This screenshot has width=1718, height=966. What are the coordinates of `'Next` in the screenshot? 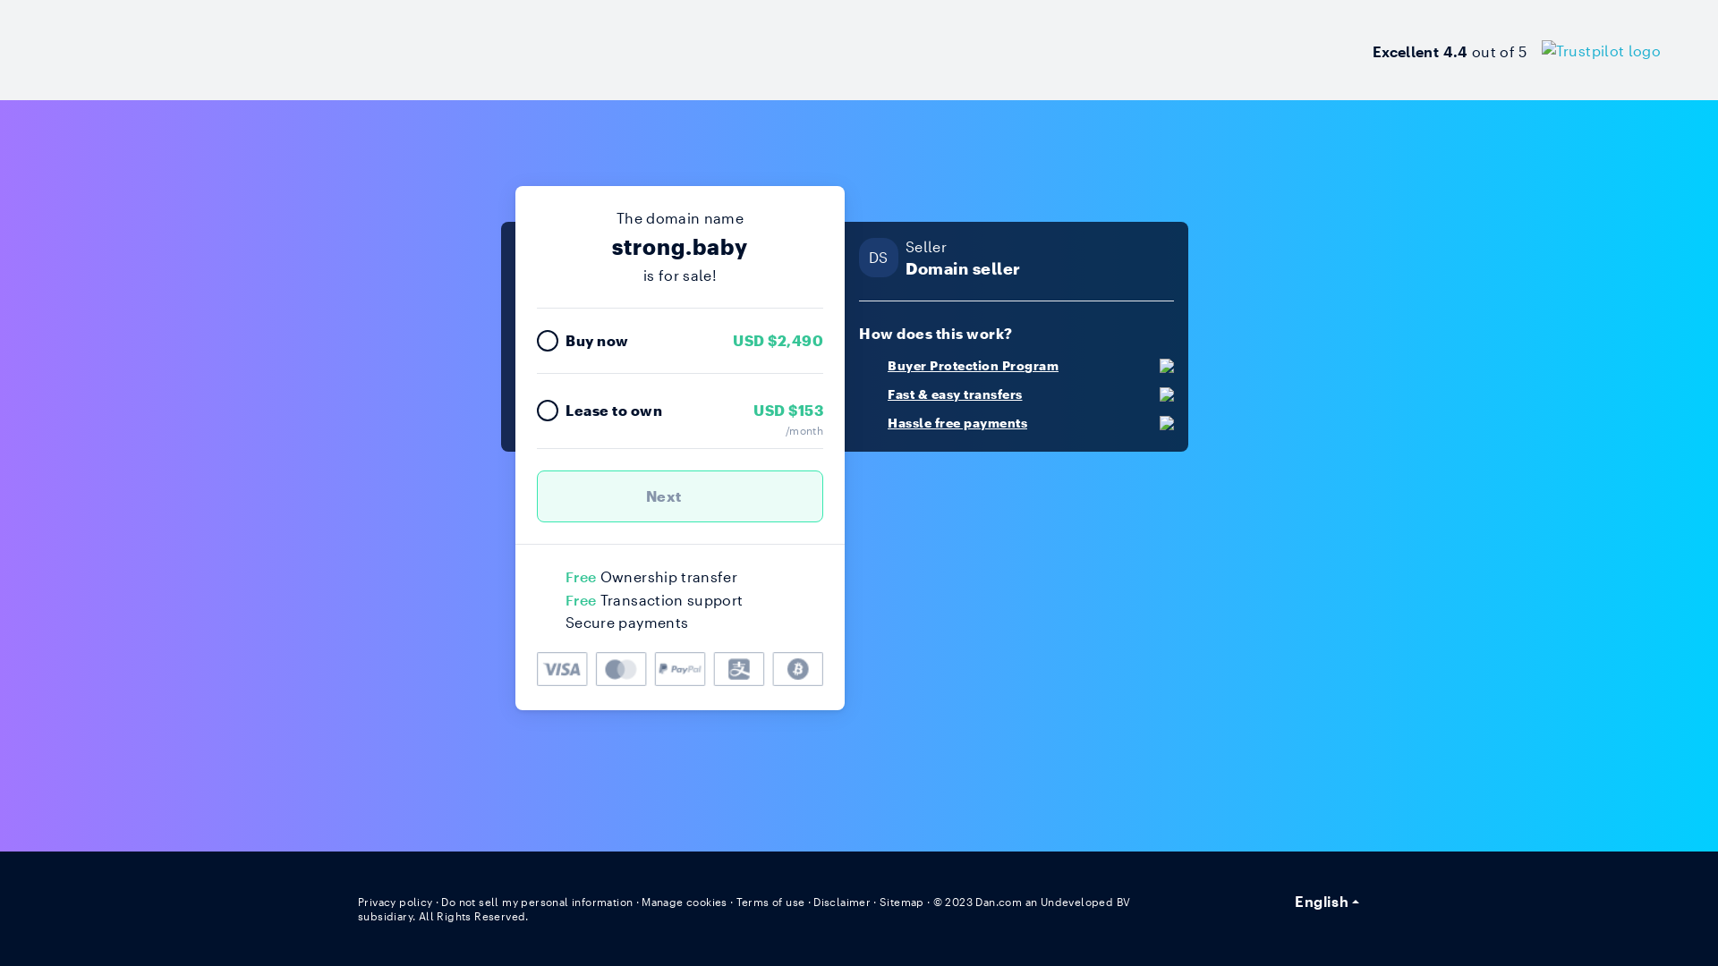 It's located at (678, 496).